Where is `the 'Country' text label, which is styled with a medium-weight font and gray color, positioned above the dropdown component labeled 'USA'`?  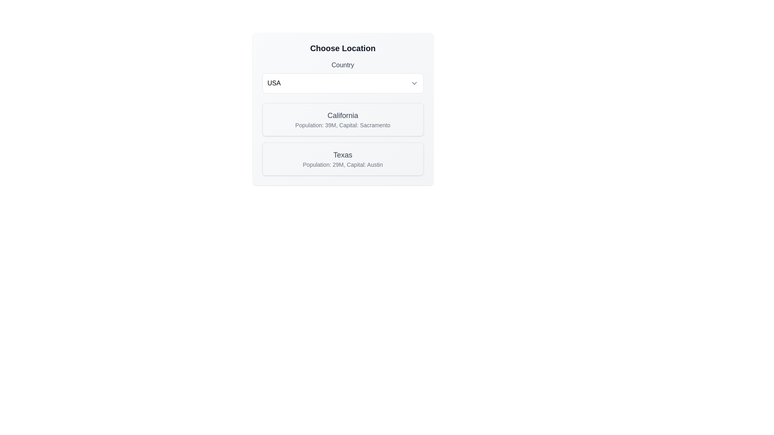
the 'Country' text label, which is styled with a medium-weight font and gray color, positioned above the dropdown component labeled 'USA' is located at coordinates (343, 65).